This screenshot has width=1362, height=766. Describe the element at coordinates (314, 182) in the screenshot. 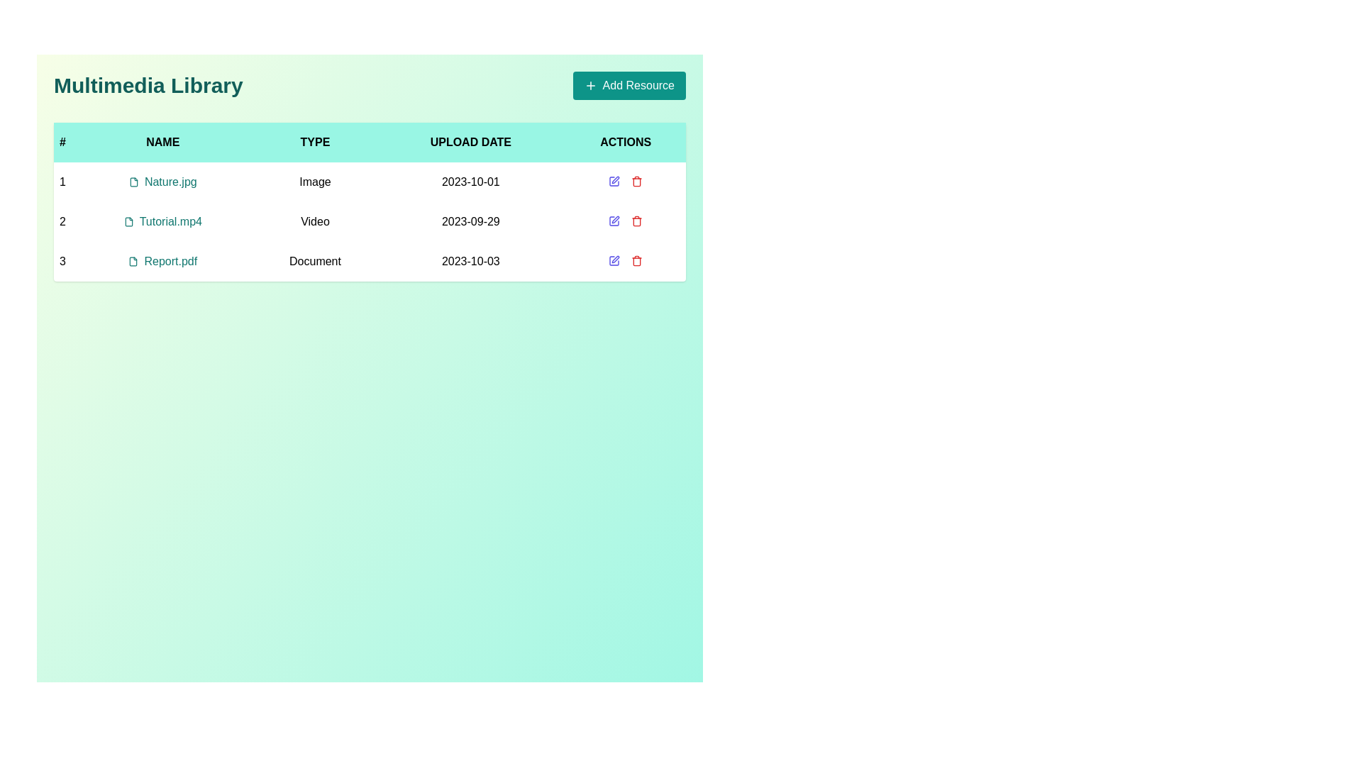

I see `the label indicating the file type for the media entry 'Nature.jpg', located in the first row and third column of the table structure` at that location.